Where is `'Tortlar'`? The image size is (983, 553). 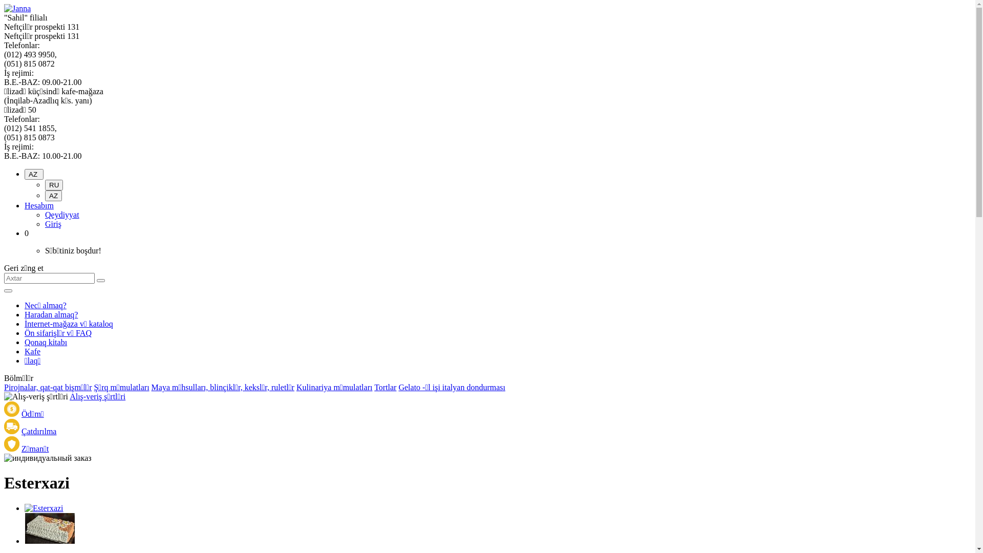
'Tortlar' is located at coordinates (373, 387).